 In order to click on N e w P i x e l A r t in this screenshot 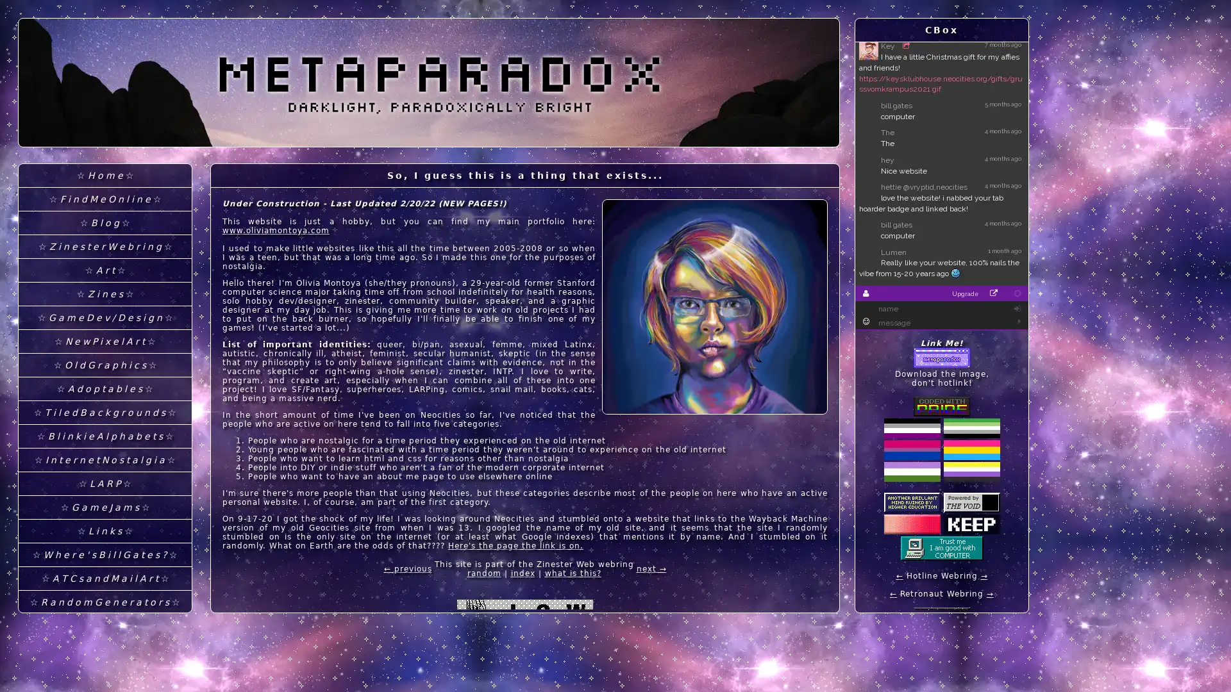, I will do `click(105, 341)`.